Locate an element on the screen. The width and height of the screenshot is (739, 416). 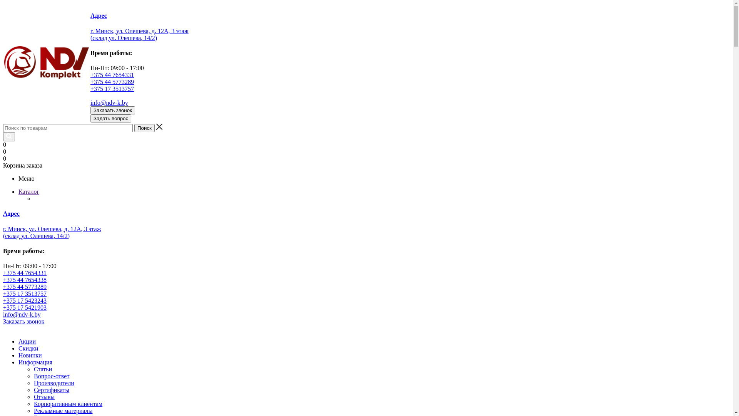
'+375 44 7654331' is located at coordinates (3, 272).